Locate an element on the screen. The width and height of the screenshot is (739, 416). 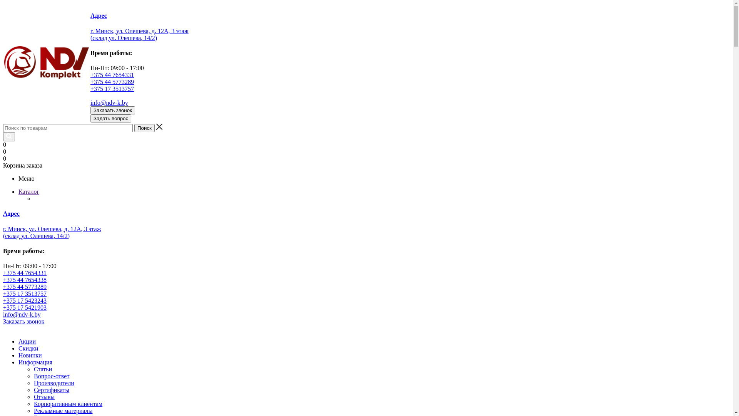
'+375 44 7654331' is located at coordinates (3, 272).